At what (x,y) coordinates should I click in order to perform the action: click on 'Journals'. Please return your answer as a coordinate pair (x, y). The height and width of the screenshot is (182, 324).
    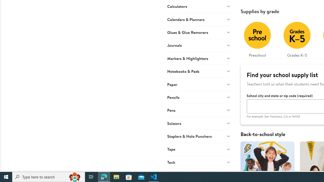
    Looking at the image, I should click on (198, 45).